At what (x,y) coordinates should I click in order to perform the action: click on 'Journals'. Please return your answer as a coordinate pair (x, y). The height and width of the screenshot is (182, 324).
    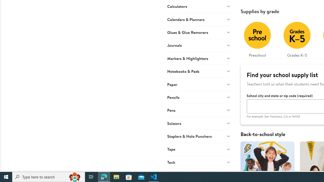
    Looking at the image, I should click on (198, 45).